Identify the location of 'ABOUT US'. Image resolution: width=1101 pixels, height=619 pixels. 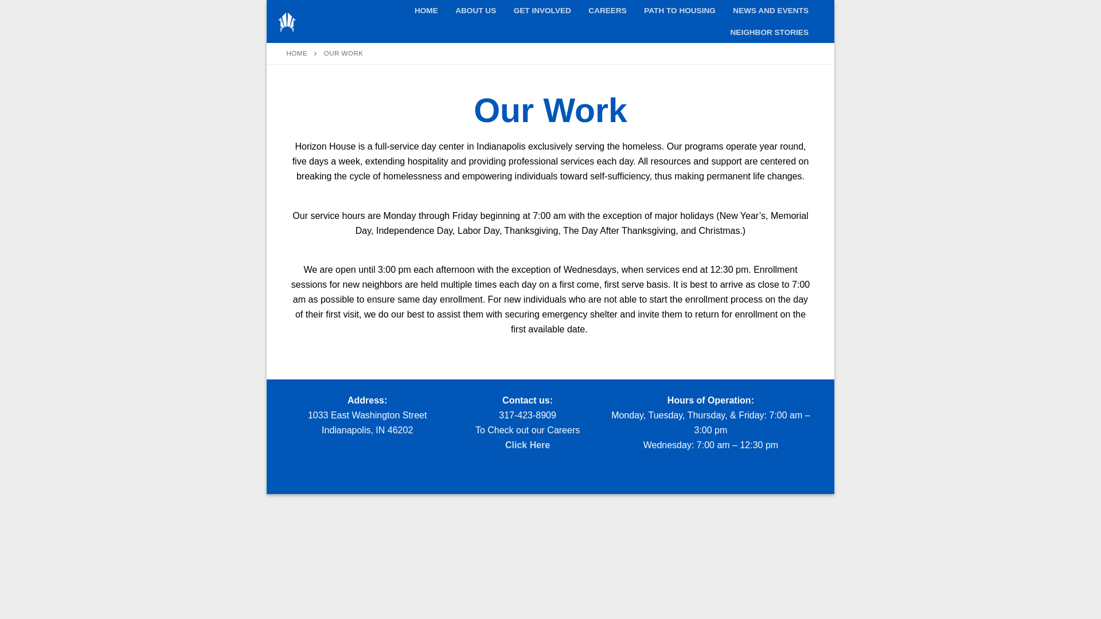
(475, 11).